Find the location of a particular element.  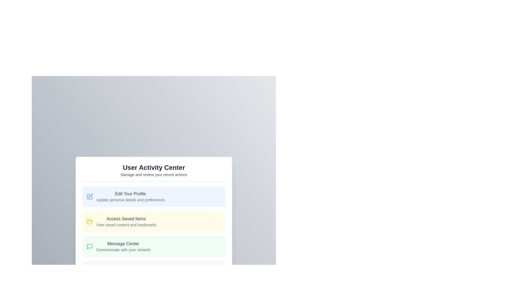

the interactive list item titled 'Access Saved Items' with a light yellow background and a folder icon is located at coordinates (154, 221).